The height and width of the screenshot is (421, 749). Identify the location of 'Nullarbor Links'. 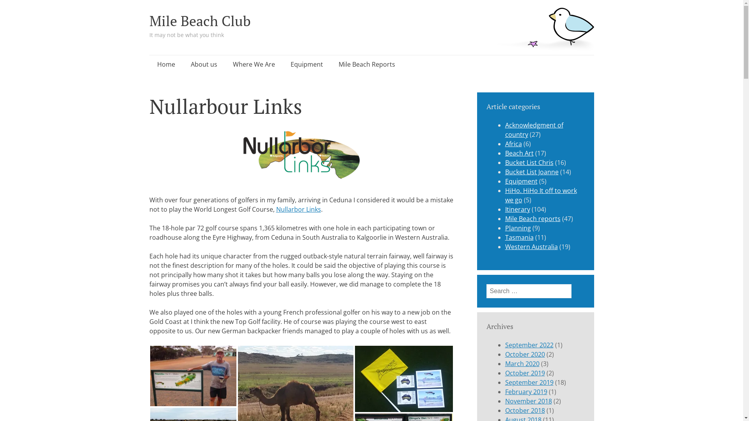
(298, 209).